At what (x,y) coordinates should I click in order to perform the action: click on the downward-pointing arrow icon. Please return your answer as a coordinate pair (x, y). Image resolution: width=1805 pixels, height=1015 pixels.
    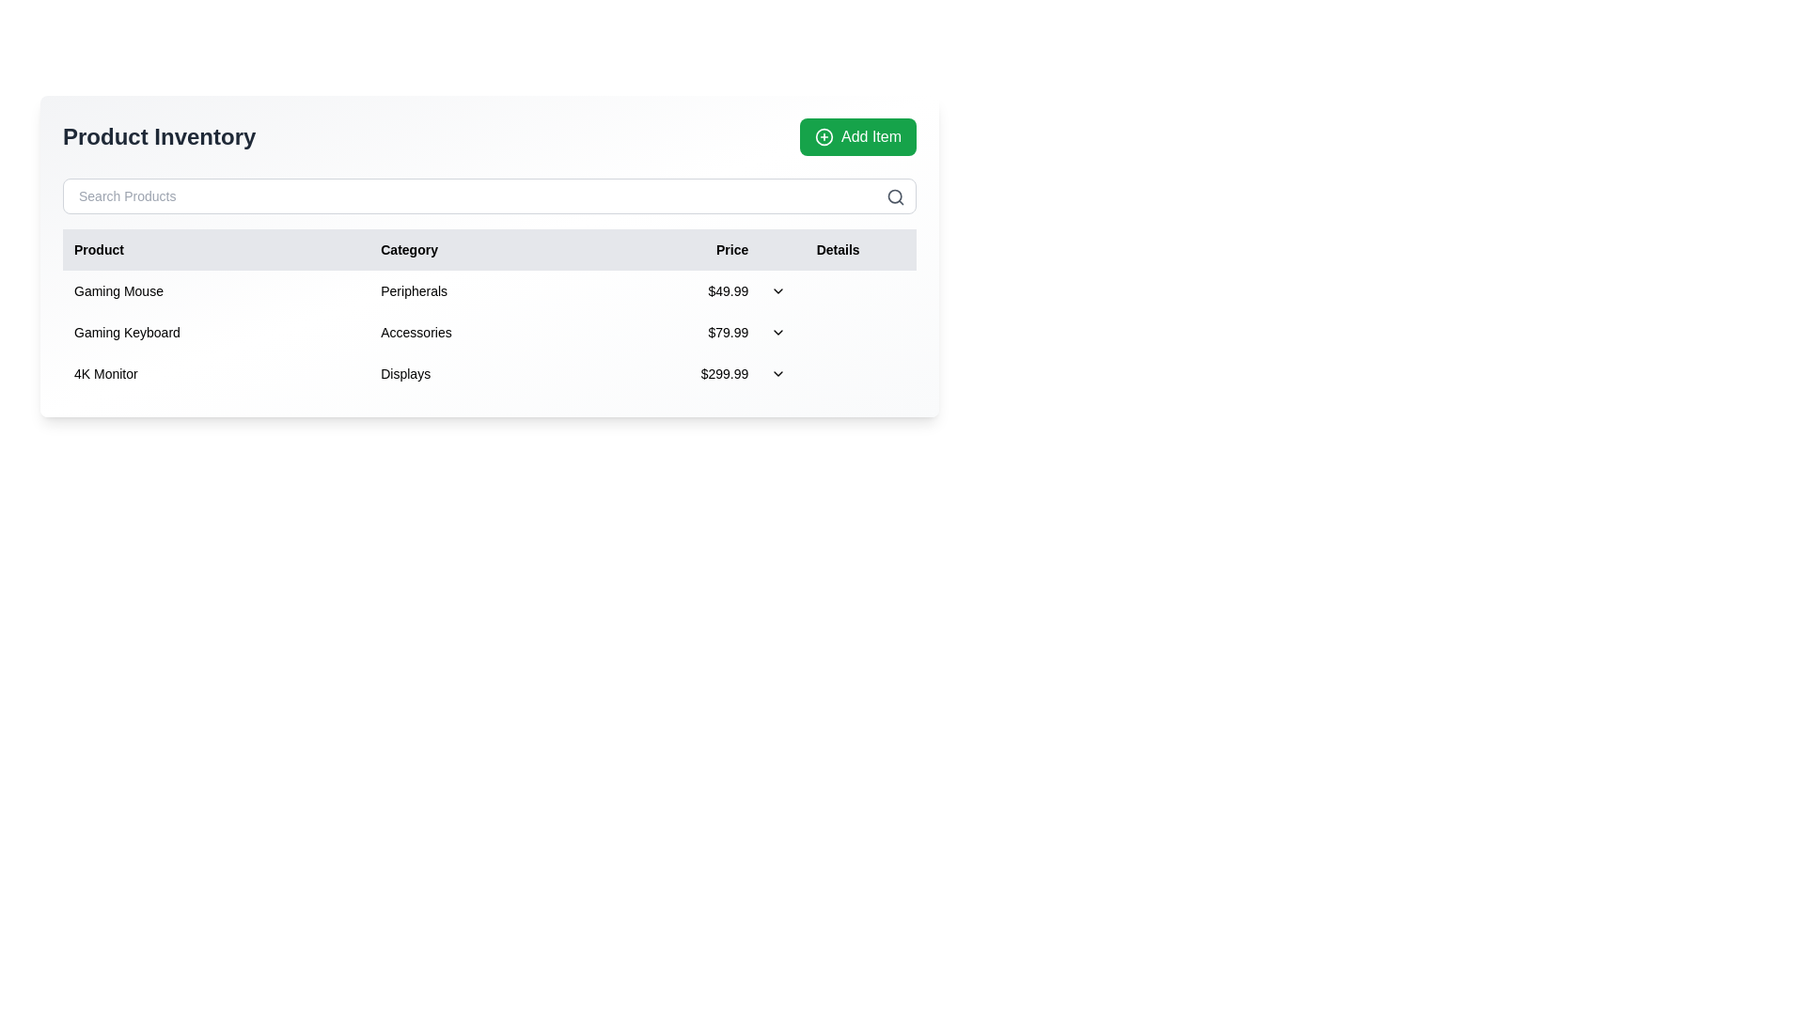
    Looking at the image, I should click on (778, 290).